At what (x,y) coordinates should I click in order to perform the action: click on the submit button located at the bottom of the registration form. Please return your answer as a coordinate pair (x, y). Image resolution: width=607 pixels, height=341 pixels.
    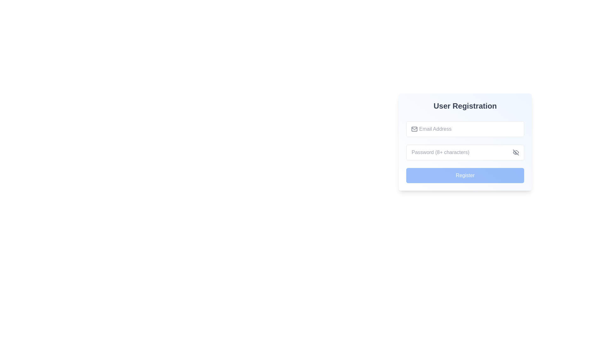
    Looking at the image, I should click on (465, 175).